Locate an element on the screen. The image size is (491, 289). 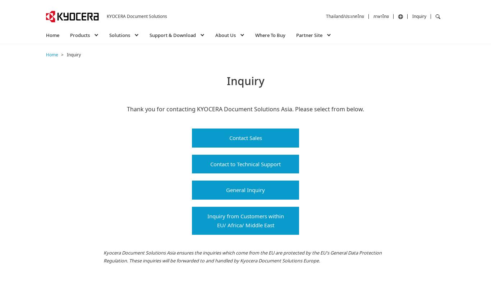
'Products' is located at coordinates (79, 34).